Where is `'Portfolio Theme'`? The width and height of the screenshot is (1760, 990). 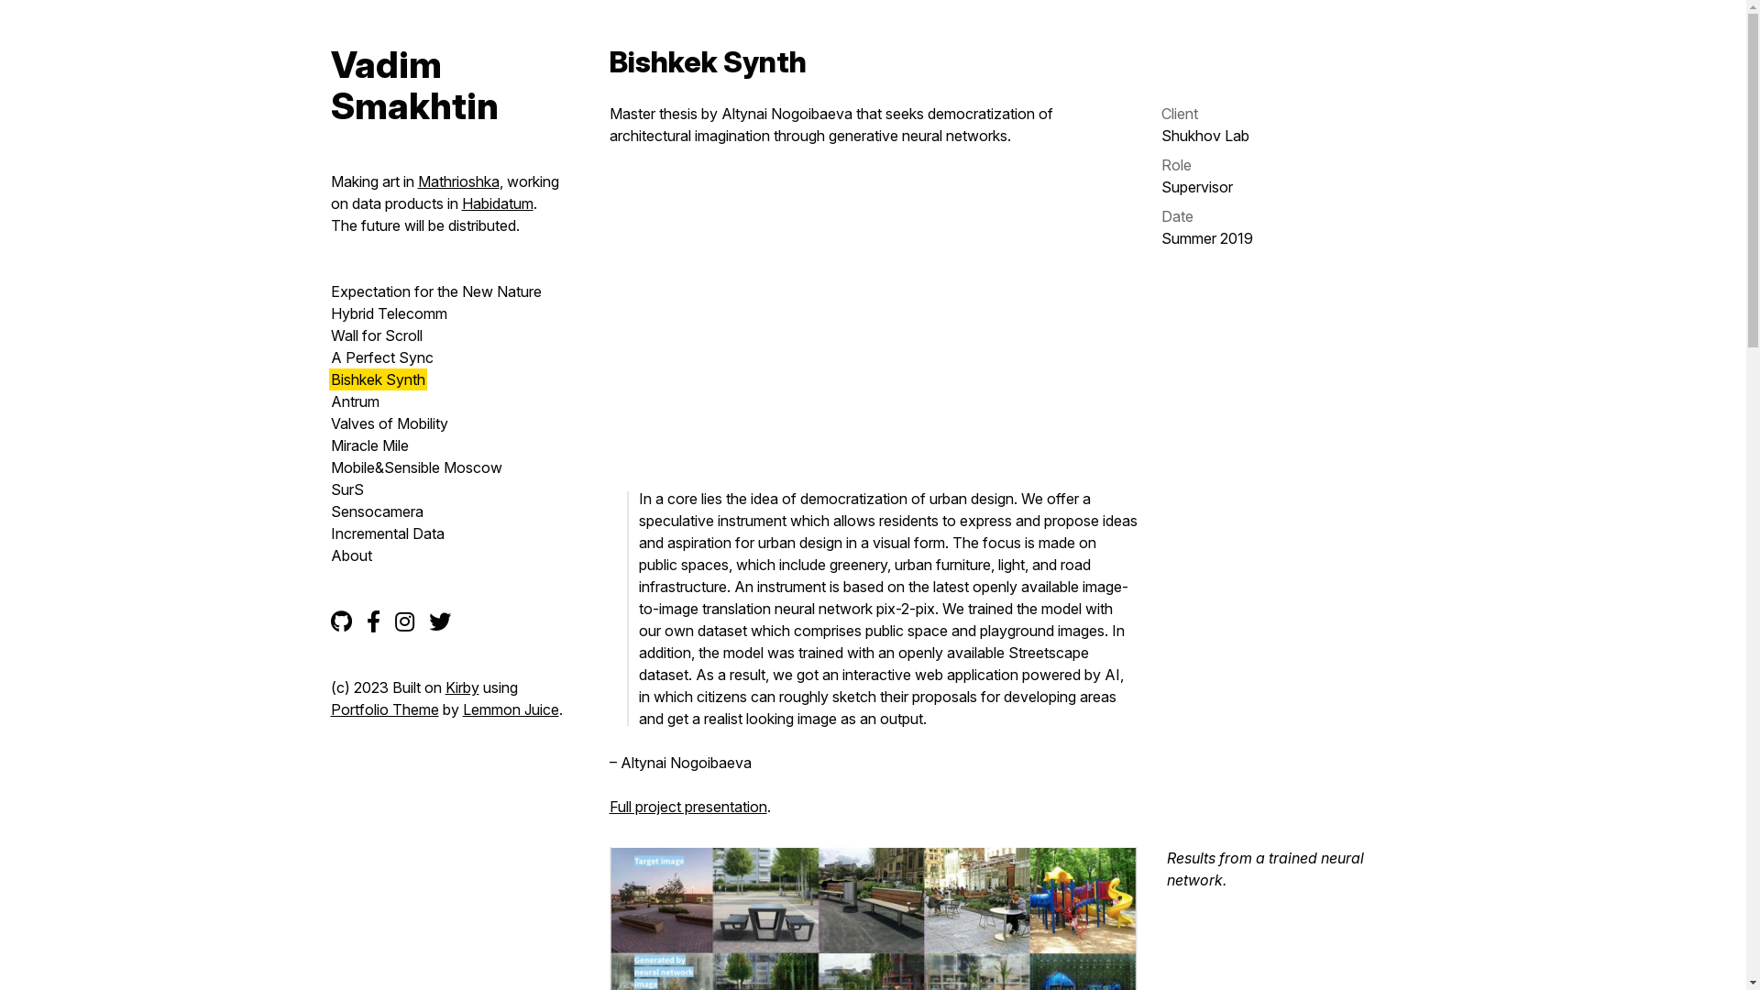 'Portfolio Theme' is located at coordinates (382, 709).